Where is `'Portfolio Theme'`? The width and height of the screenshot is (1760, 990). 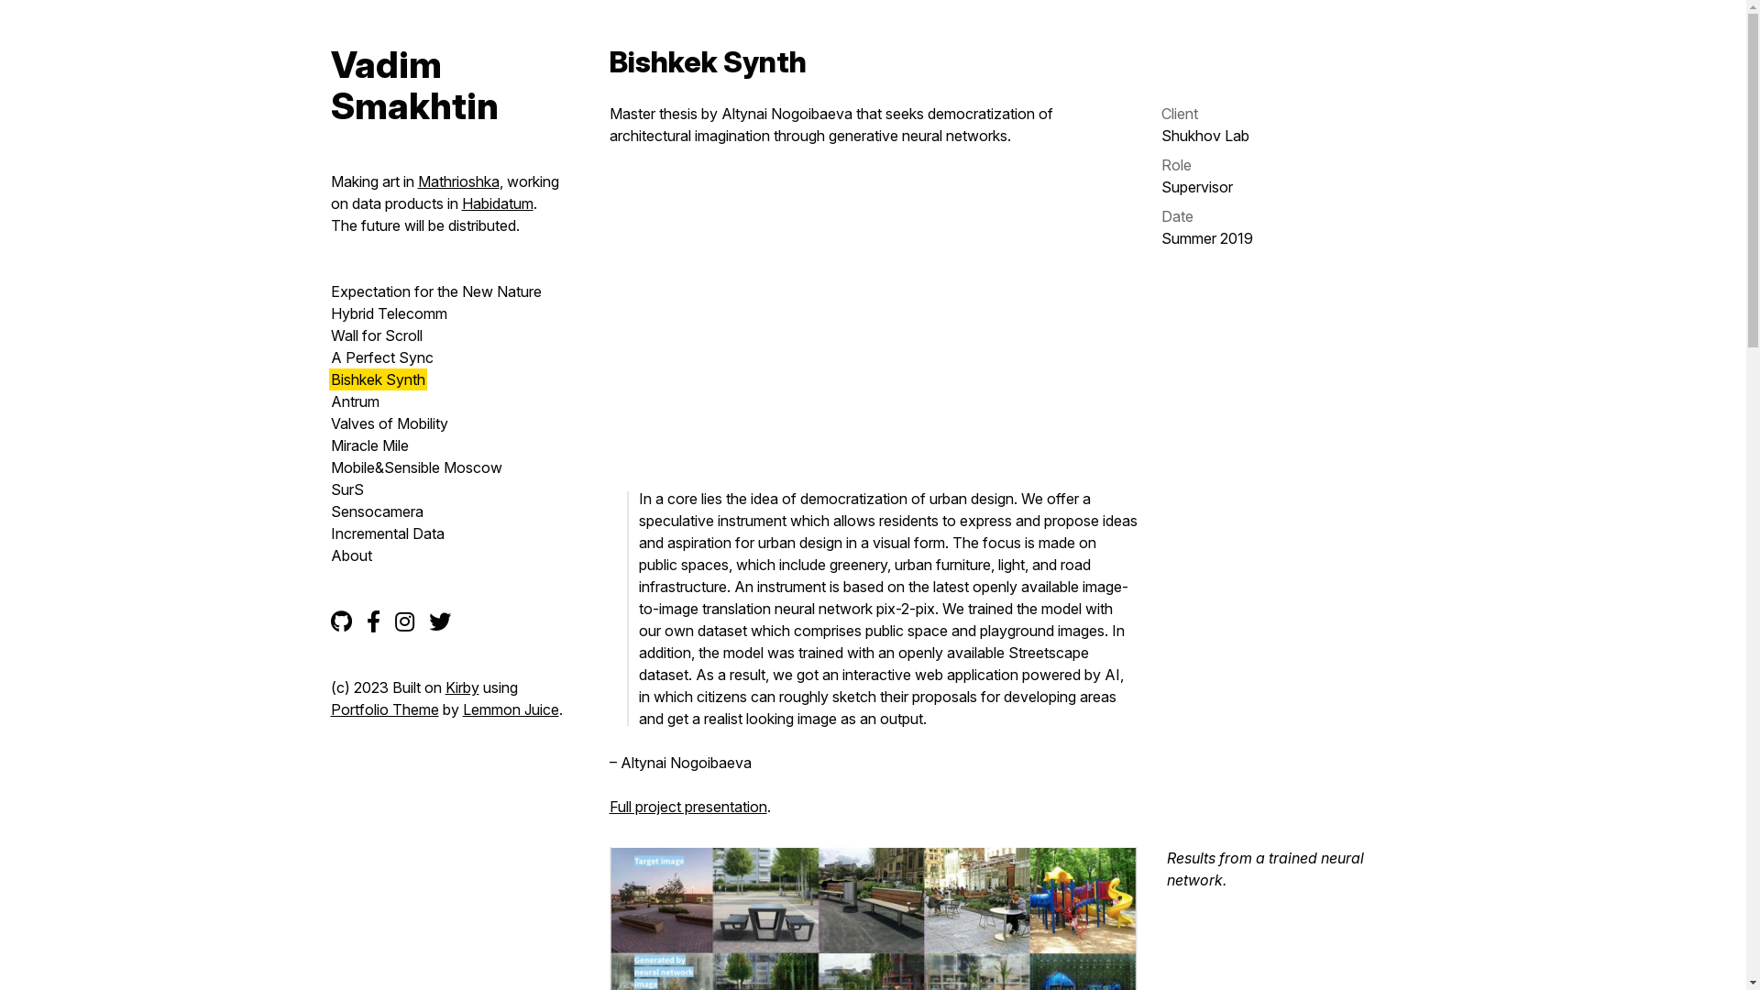 'Portfolio Theme' is located at coordinates (382, 709).